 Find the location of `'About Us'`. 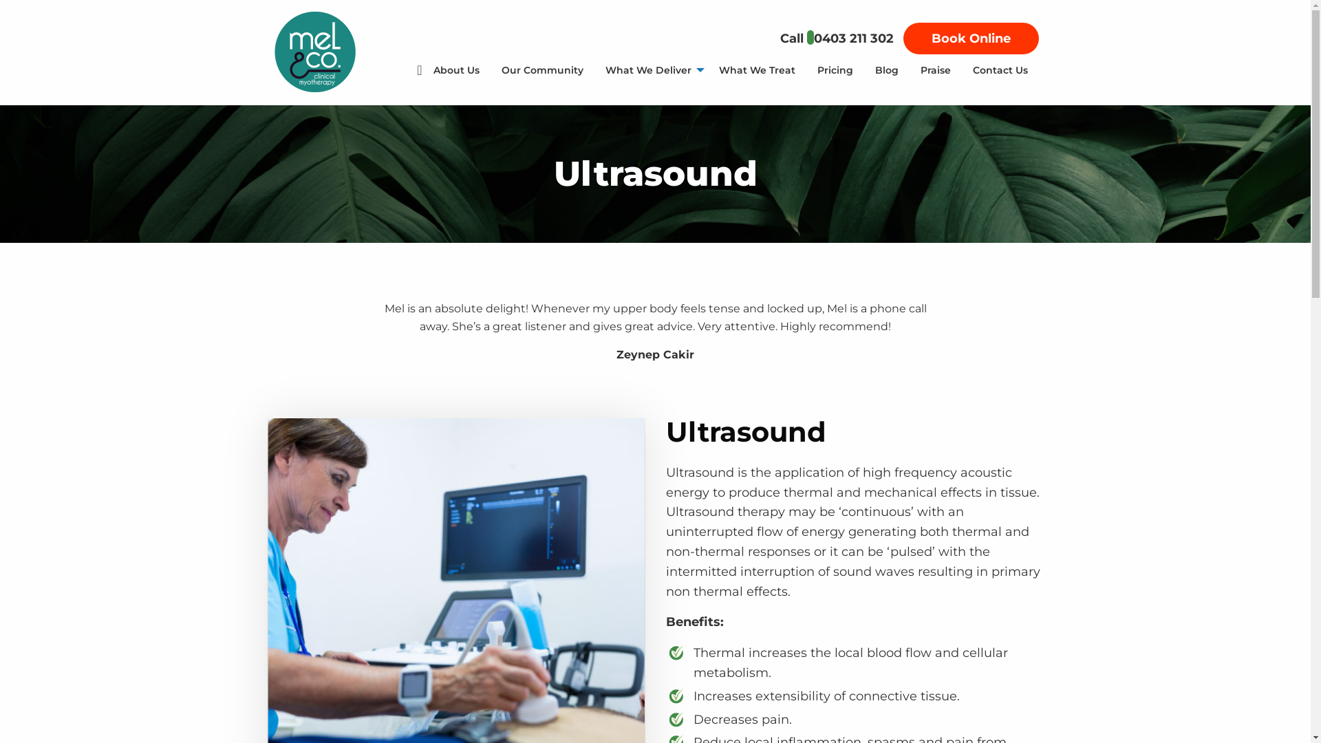

'About Us' is located at coordinates (456, 69).